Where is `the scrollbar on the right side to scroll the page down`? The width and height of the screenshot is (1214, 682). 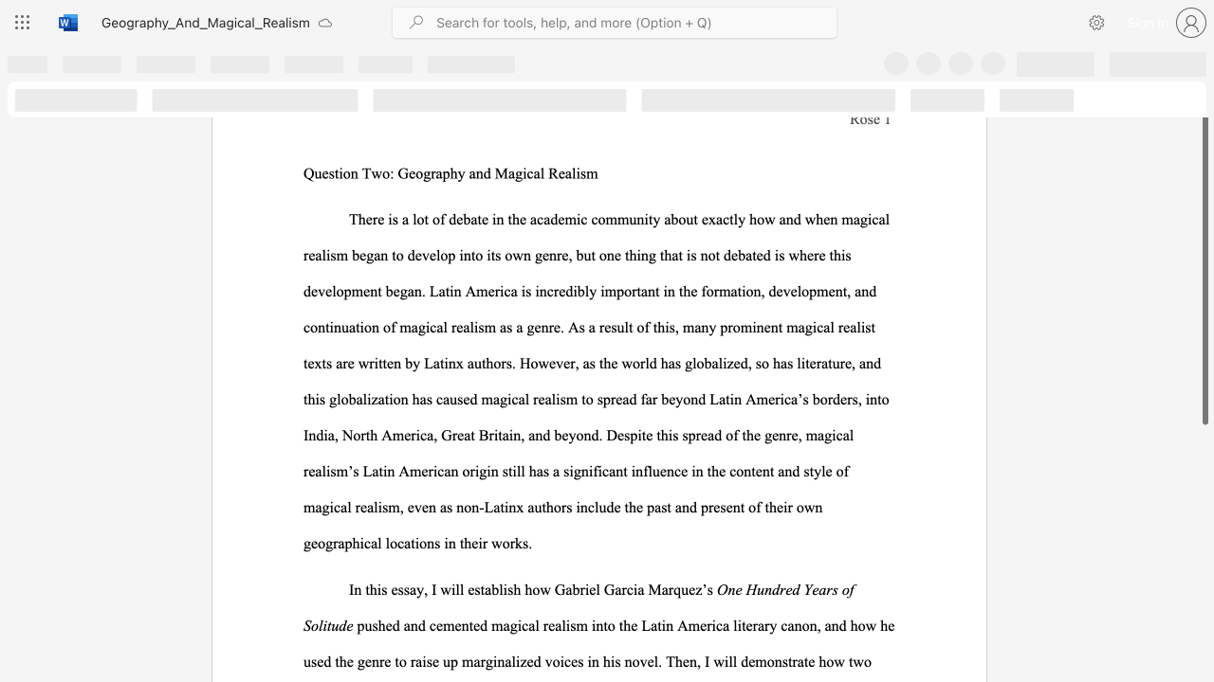 the scrollbar on the right side to scroll the page down is located at coordinates (1204, 464).